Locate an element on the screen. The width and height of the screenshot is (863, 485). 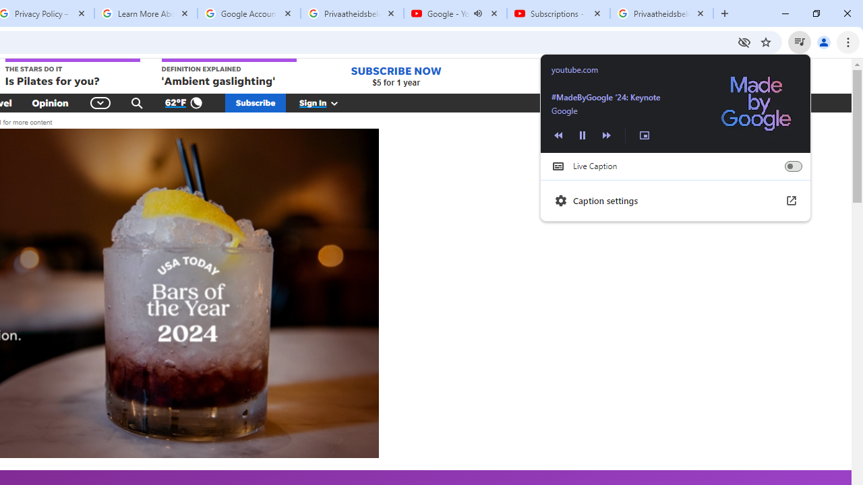
'Play' is located at coordinates (583, 135).